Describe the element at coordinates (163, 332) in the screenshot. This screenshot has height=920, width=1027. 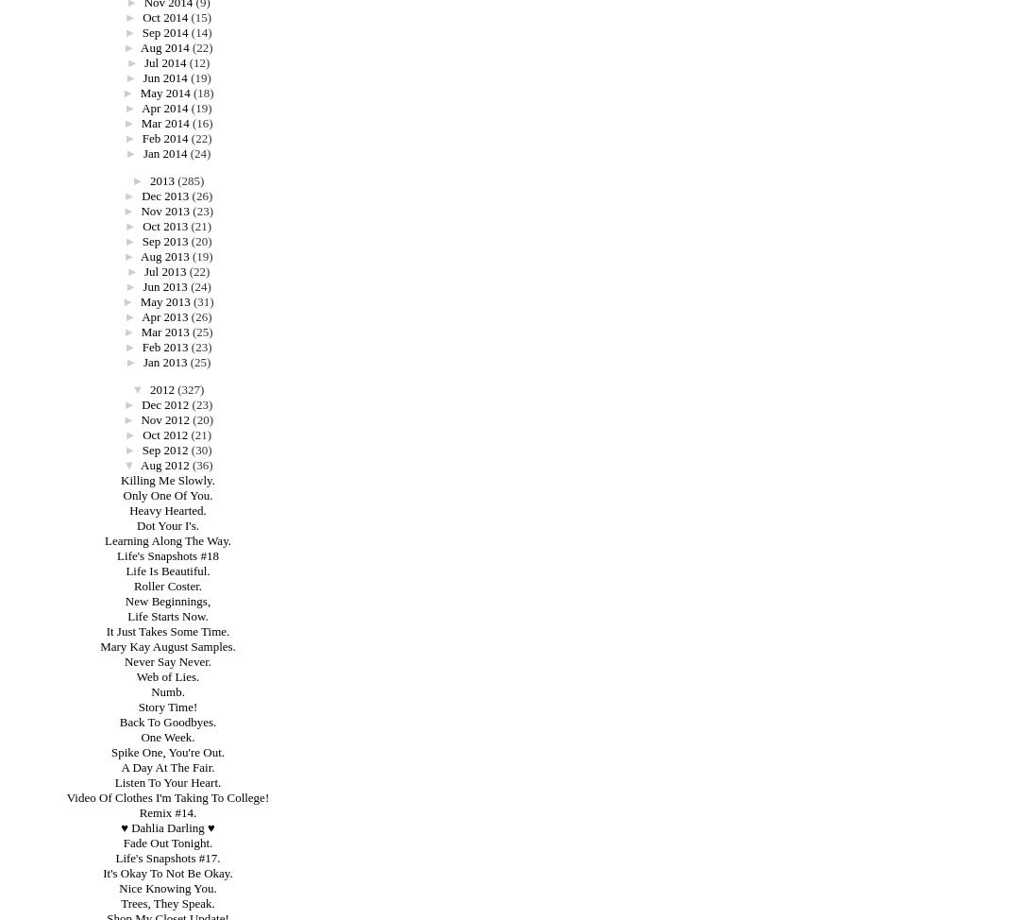
I see `'Mar 2013'` at that location.